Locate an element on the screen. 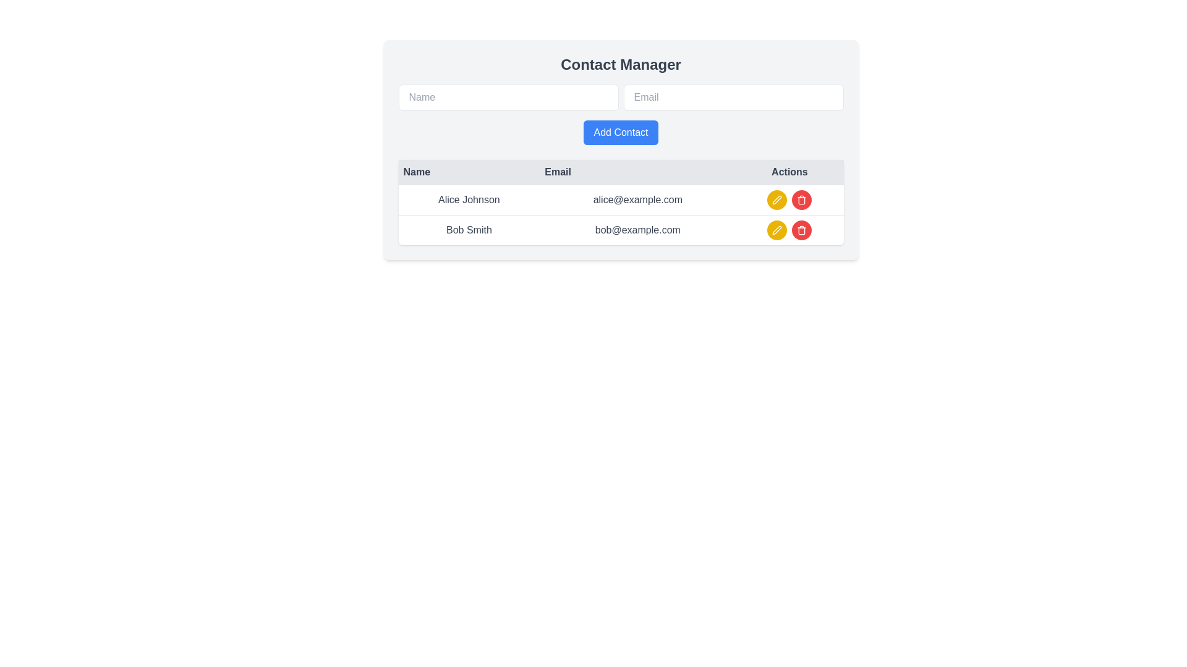 The height and width of the screenshot is (667, 1187). the static text displaying the name of the contact entry in the second row of the contact table, which is aligned to the left is located at coordinates (468, 230).